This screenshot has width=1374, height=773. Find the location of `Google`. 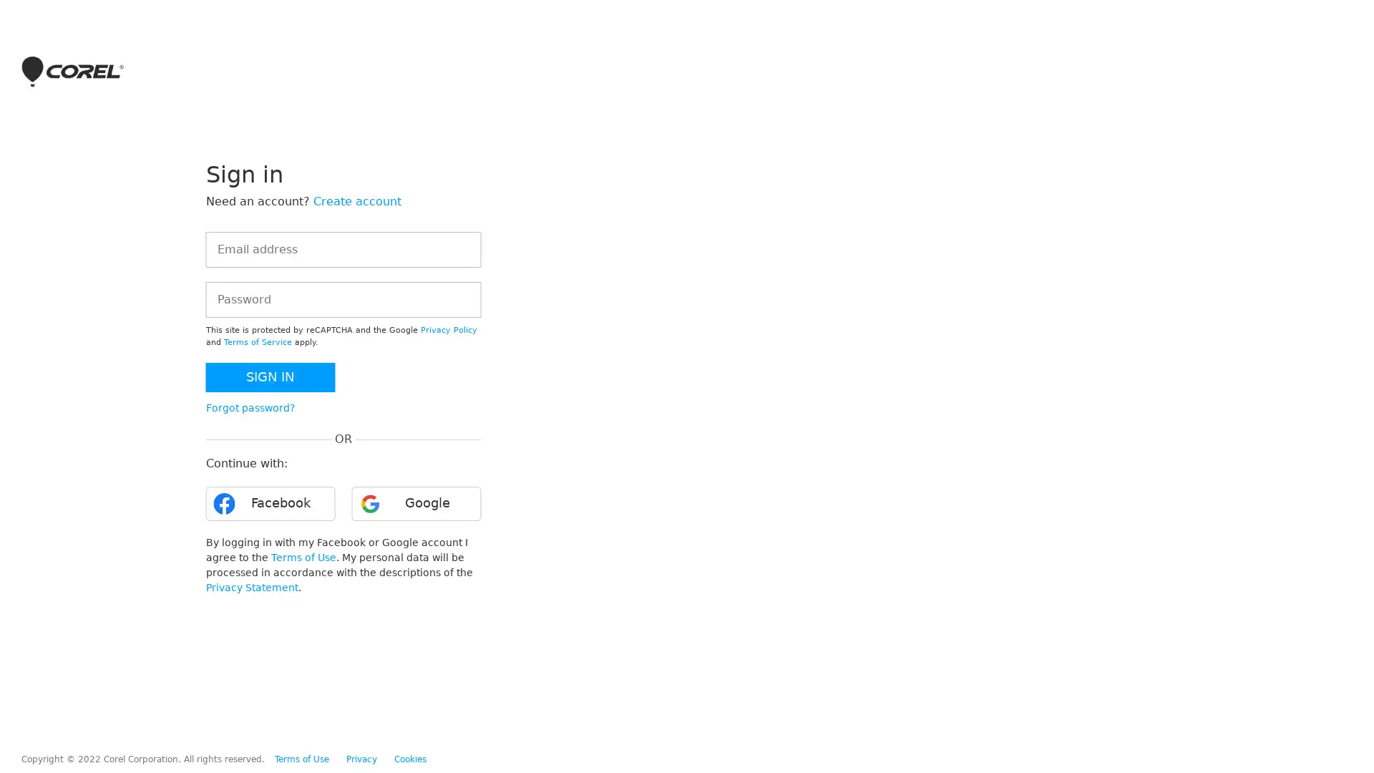

Google is located at coordinates (415, 503).